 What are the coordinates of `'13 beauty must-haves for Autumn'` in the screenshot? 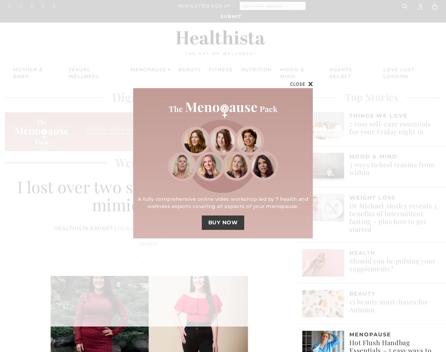 It's located at (389, 305).